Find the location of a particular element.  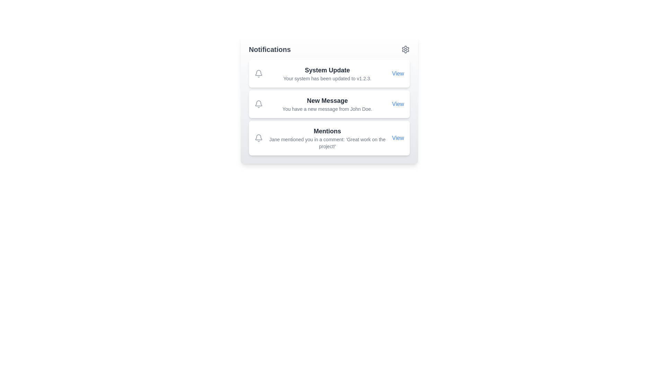

'View' button for the notification titled 'System Update' is located at coordinates (398, 73).